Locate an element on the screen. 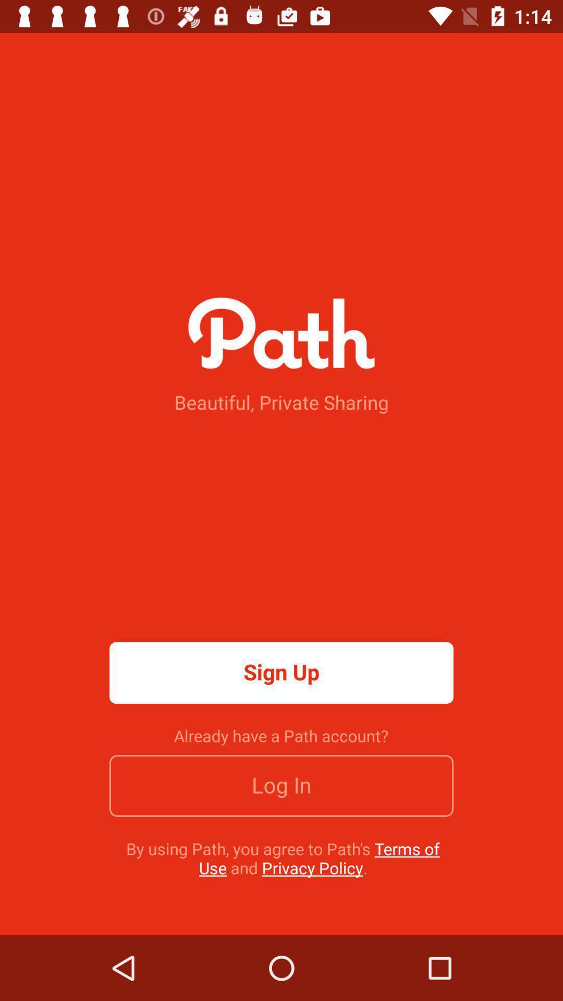 This screenshot has height=1001, width=563. sign up item is located at coordinates (281, 673).